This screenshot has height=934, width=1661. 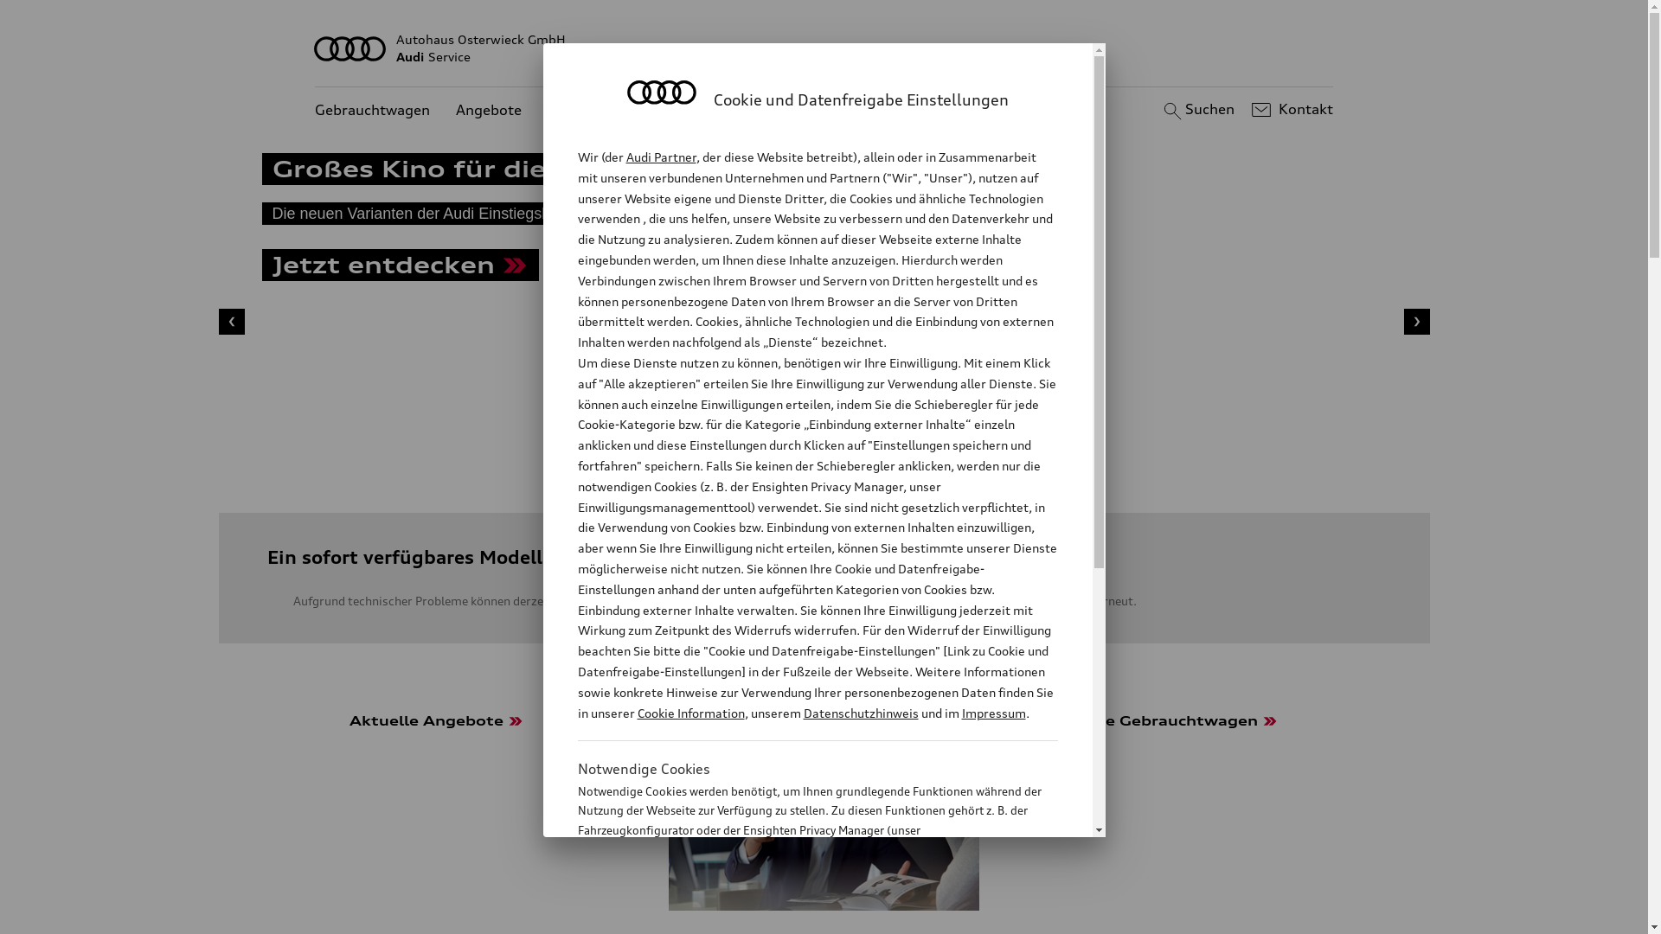 What do you see at coordinates (597, 110) in the screenshot?
I see `'Kundenservice'` at bounding box center [597, 110].